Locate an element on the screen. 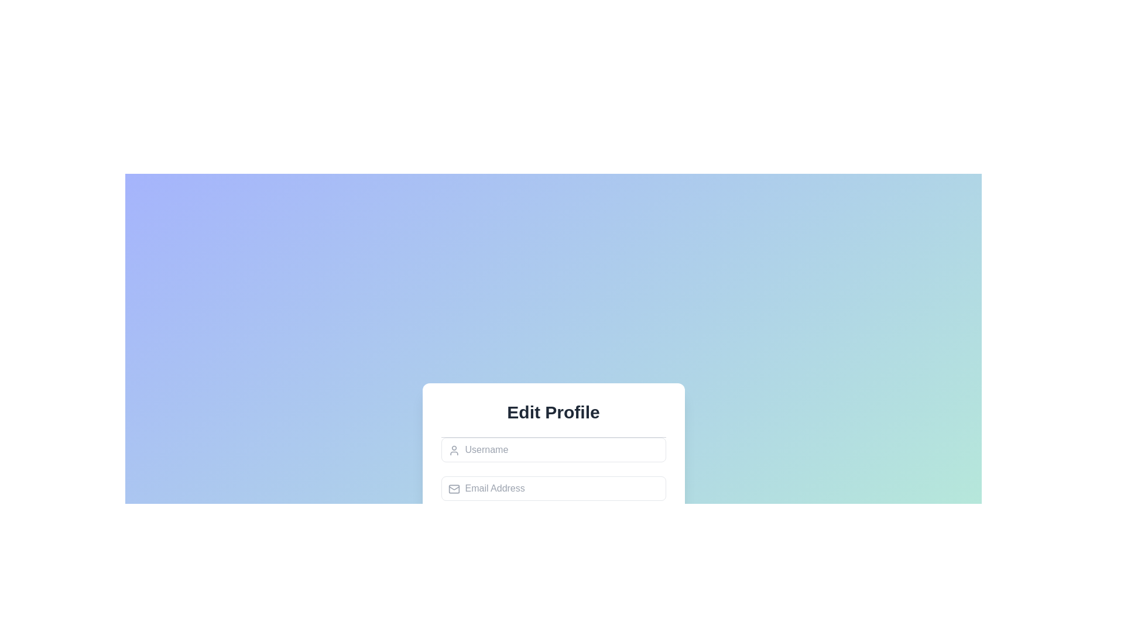 The width and height of the screenshot is (1124, 632). the second input field within the vertical stack of input forms in the 'Edit Profile' section is located at coordinates (553, 495).